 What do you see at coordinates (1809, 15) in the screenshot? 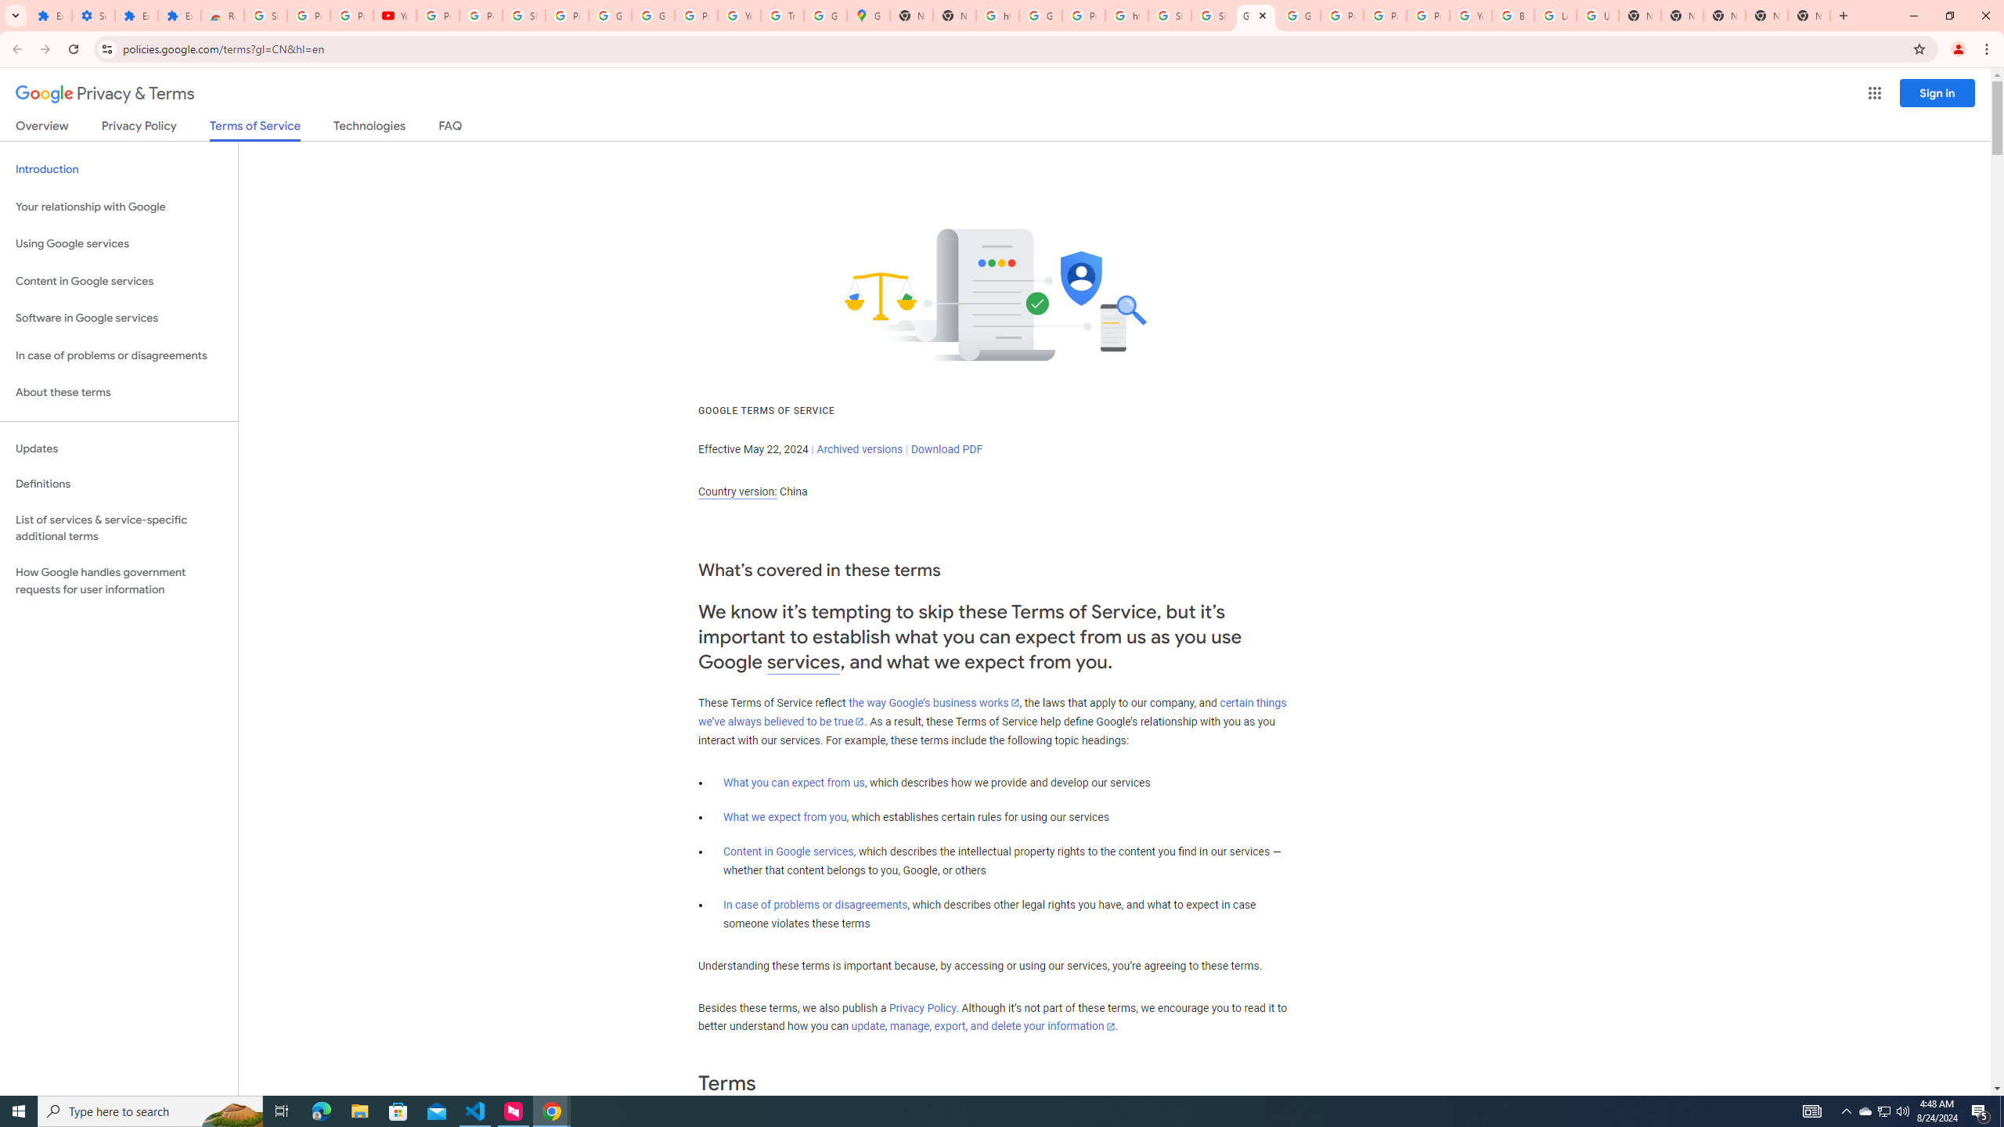
I see `'New Tab'` at bounding box center [1809, 15].